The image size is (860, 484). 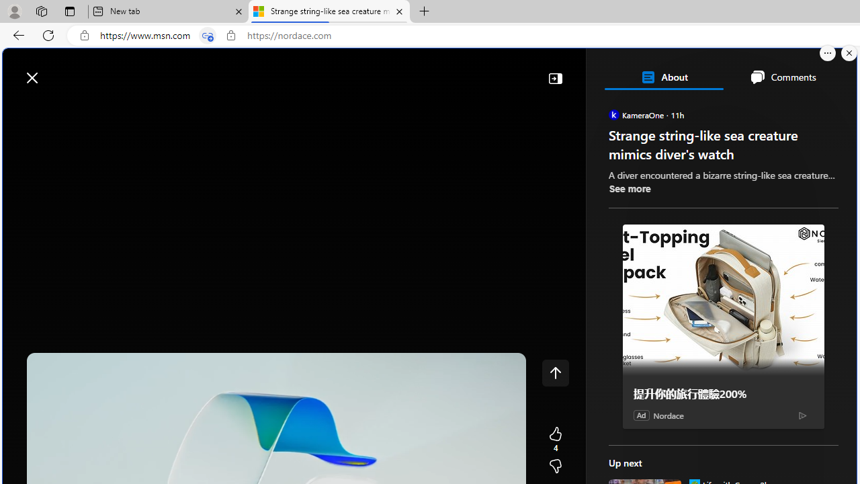 I want to click on 'Refresh', so click(x=48, y=34).